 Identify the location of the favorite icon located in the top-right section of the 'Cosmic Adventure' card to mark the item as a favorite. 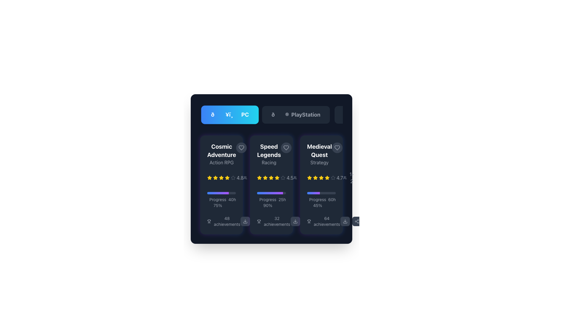
(241, 147).